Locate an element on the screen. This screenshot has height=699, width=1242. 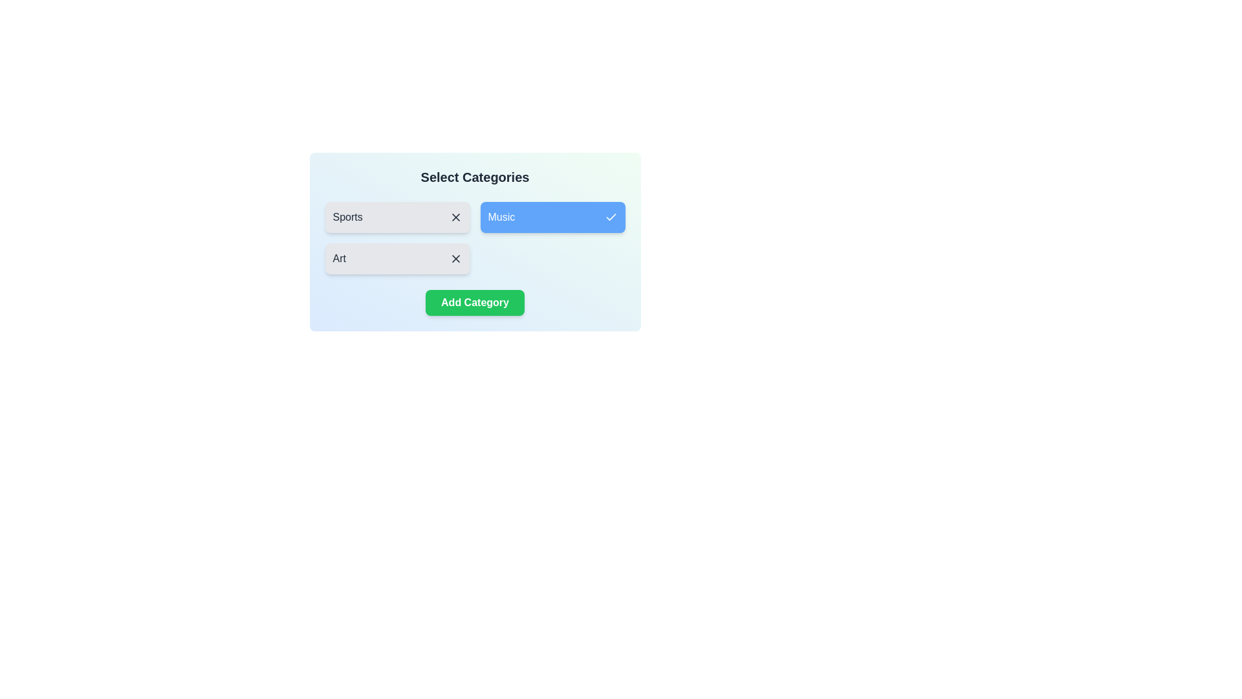
the category Music is located at coordinates (552, 216).